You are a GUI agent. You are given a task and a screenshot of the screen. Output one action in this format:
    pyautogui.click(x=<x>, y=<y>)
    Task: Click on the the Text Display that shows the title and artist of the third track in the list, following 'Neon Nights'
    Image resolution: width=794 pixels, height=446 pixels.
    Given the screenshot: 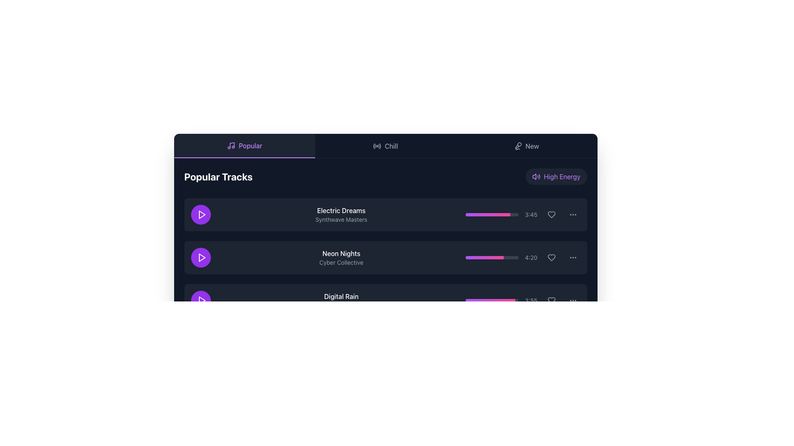 What is the action you would take?
    pyautogui.click(x=341, y=301)
    